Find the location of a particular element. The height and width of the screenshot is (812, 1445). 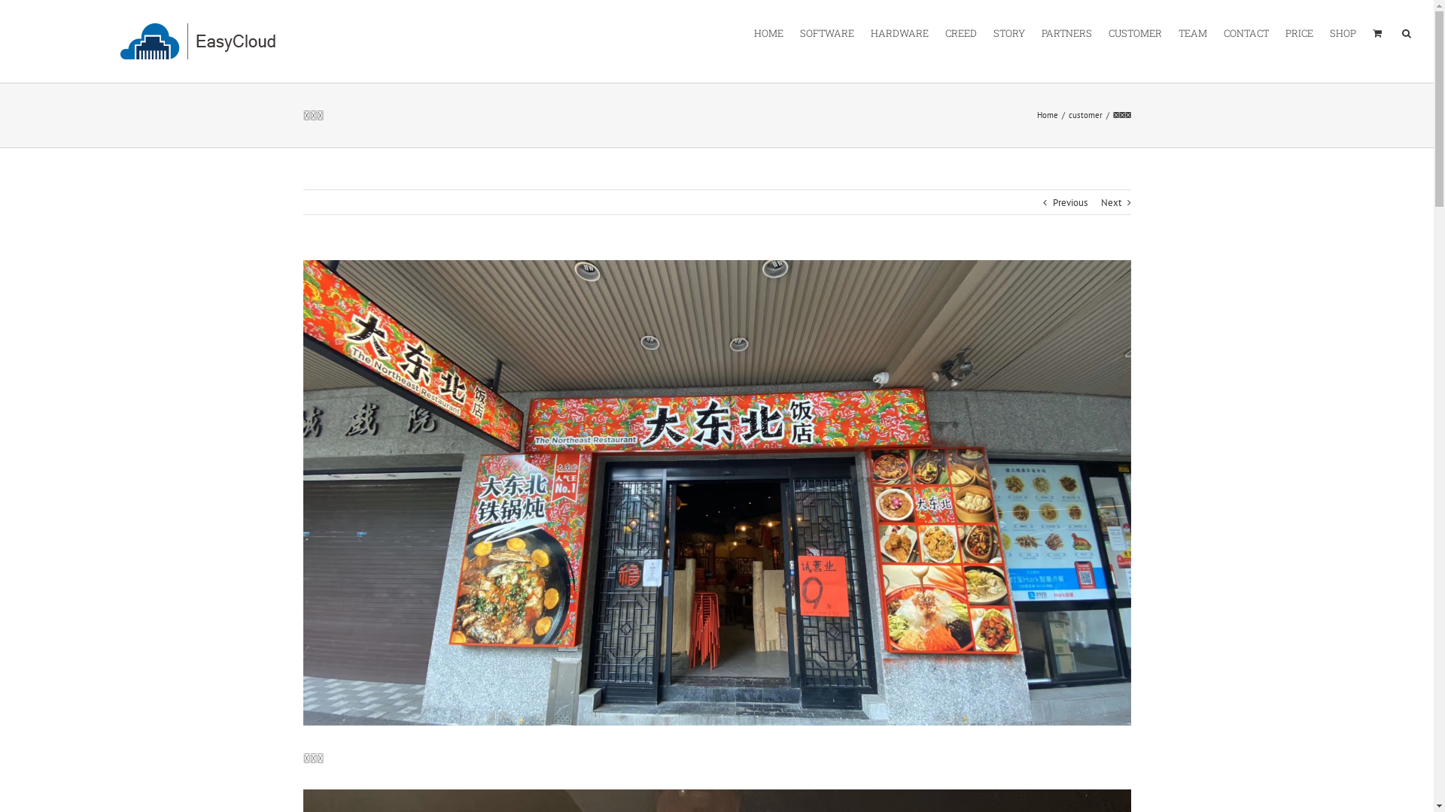

'SHOP' is located at coordinates (1329, 32).